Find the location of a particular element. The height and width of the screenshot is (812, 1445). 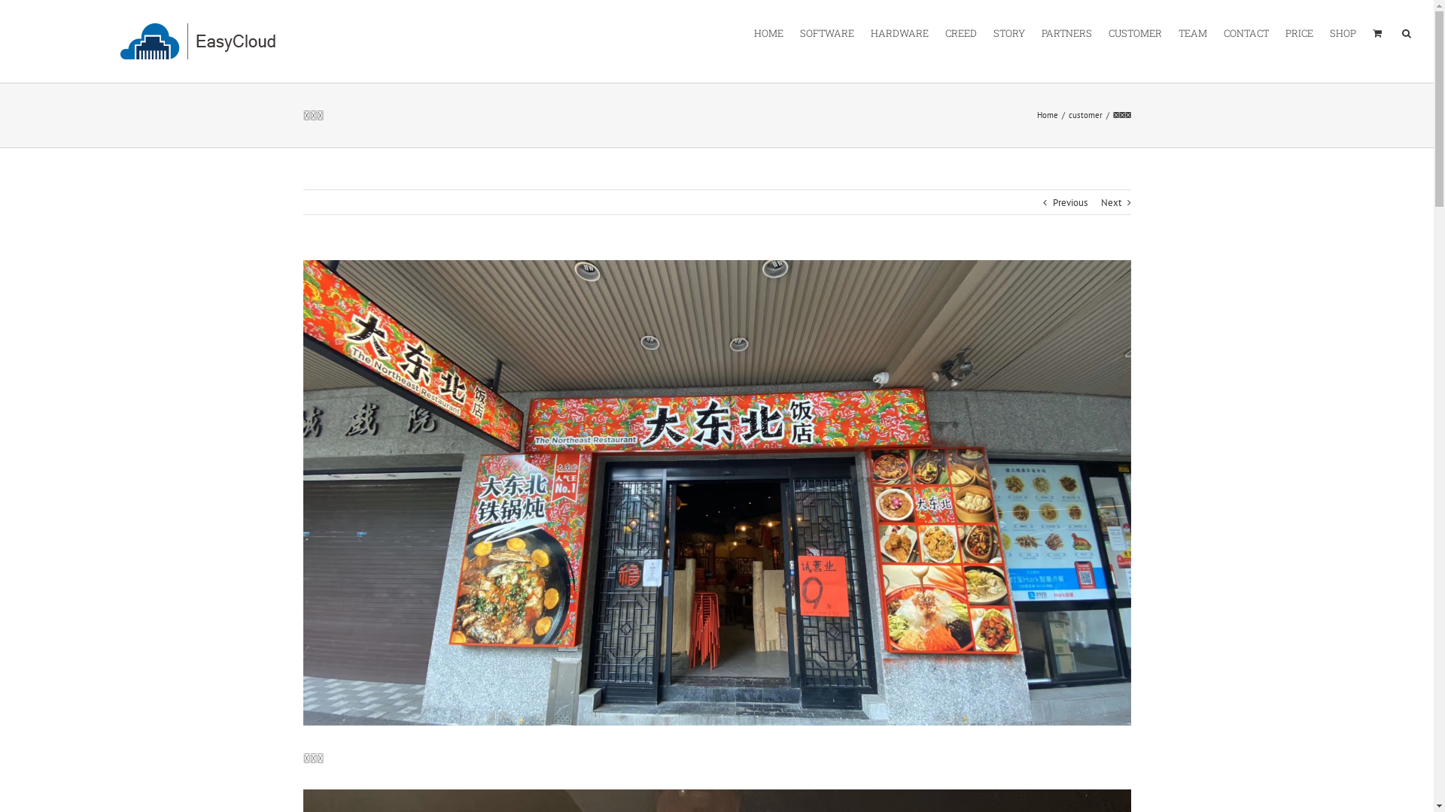

'SHOP' is located at coordinates (1329, 32).